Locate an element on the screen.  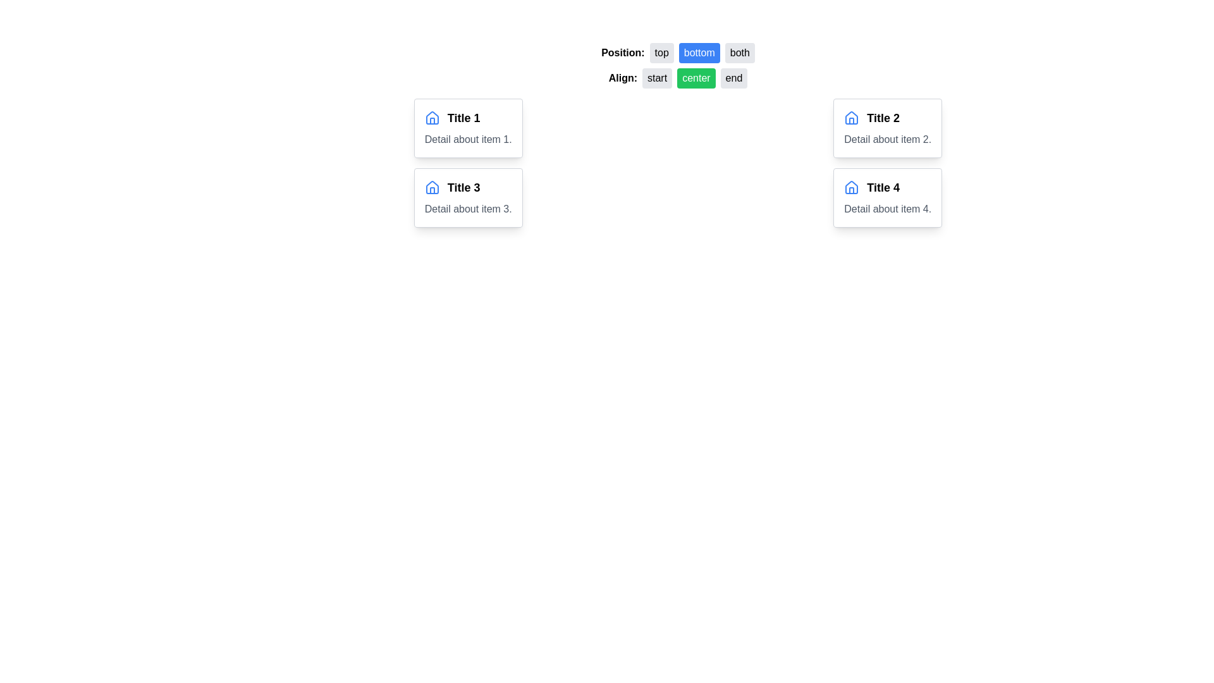
the button located between the 'top' button on the left and the 'both' button on the right, which selects the 'bottom' option in the position configuration context is located at coordinates (699, 52).